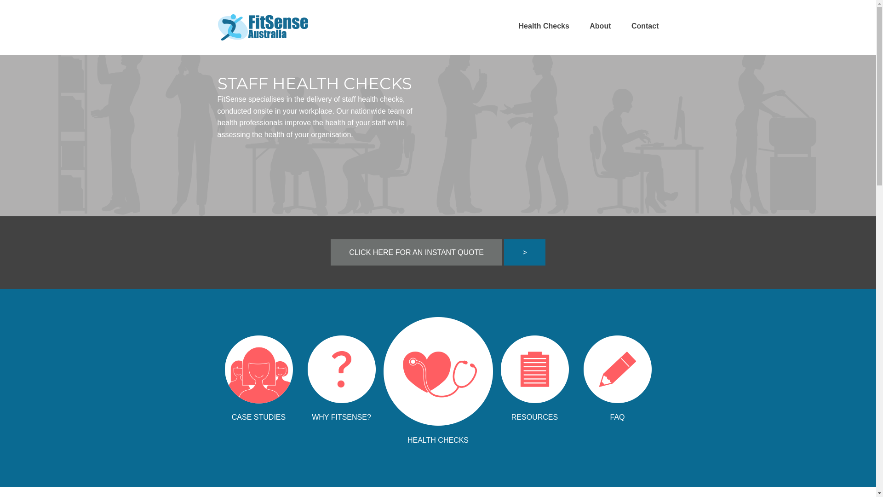 The image size is (883, 497). I want to click on 'Health Checks', so click(544, 25).